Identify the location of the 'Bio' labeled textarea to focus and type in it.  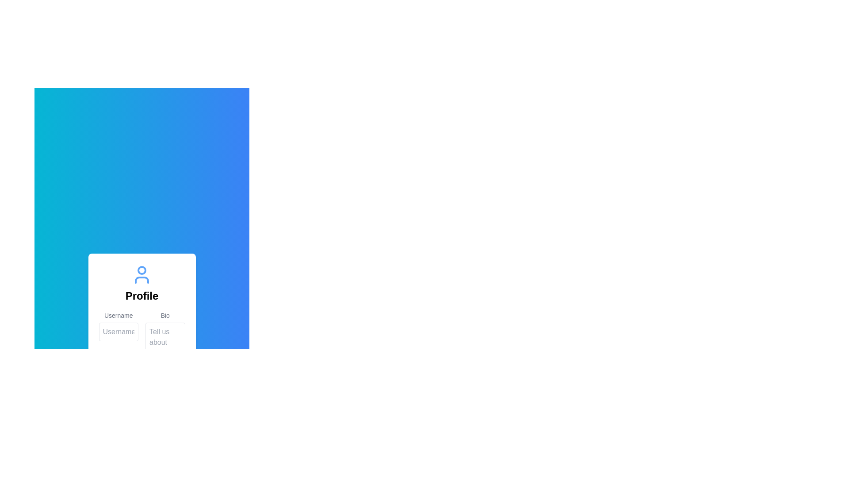
(165, 338).